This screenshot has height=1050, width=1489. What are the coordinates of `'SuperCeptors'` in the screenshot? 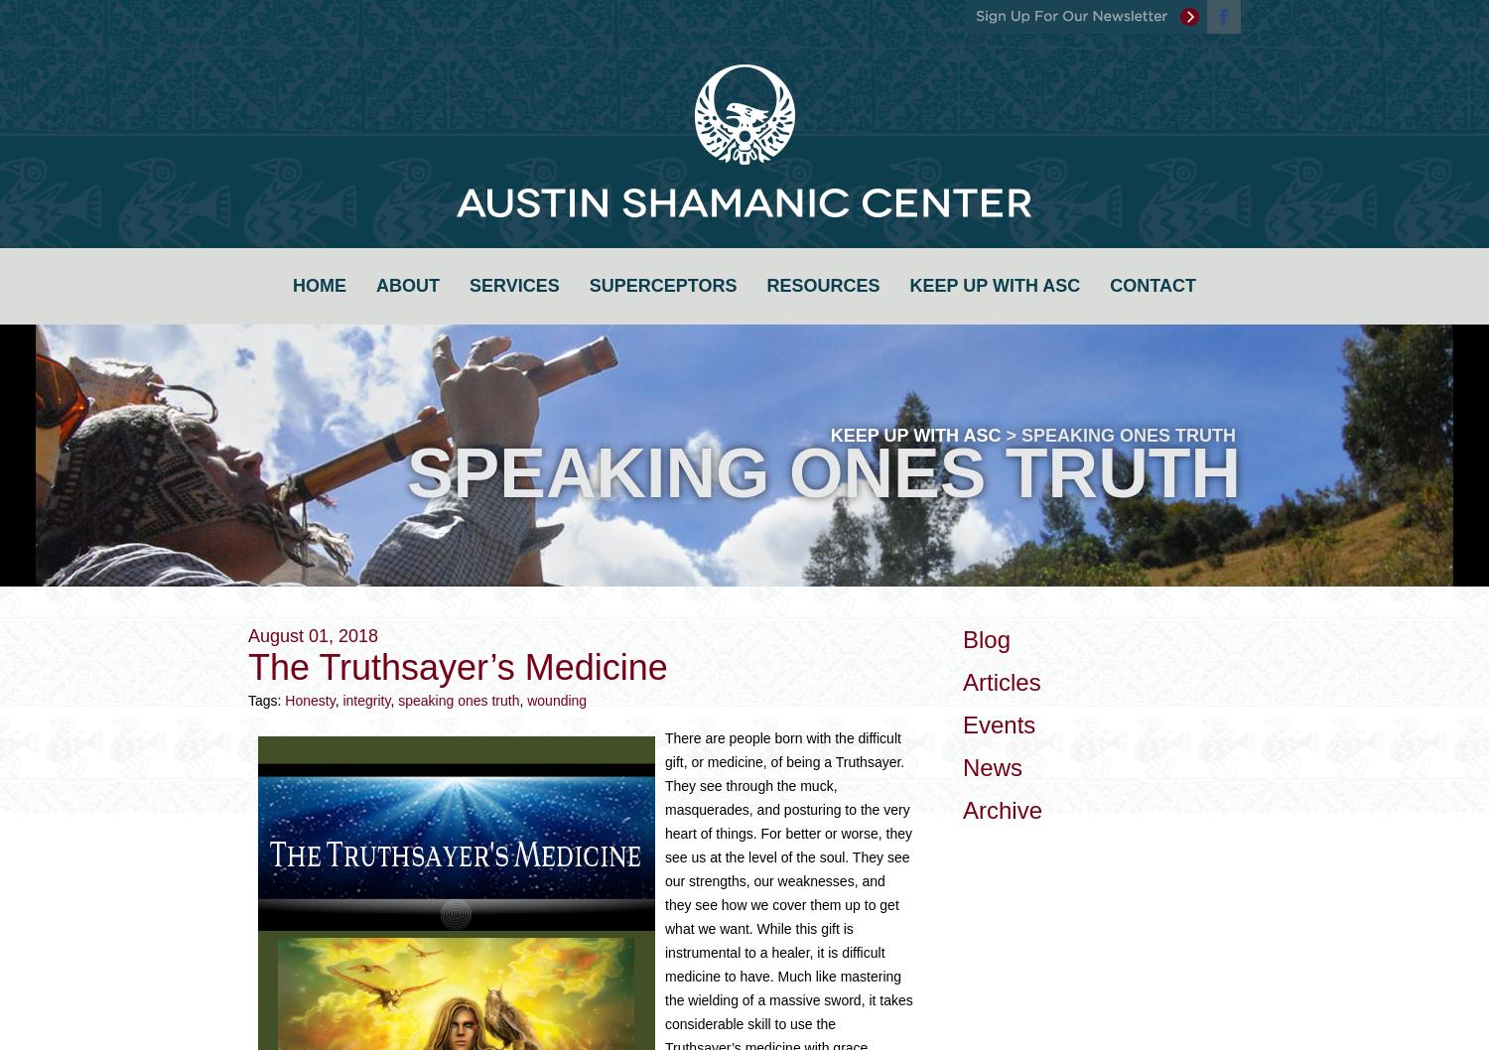 It's located at (587, 284).